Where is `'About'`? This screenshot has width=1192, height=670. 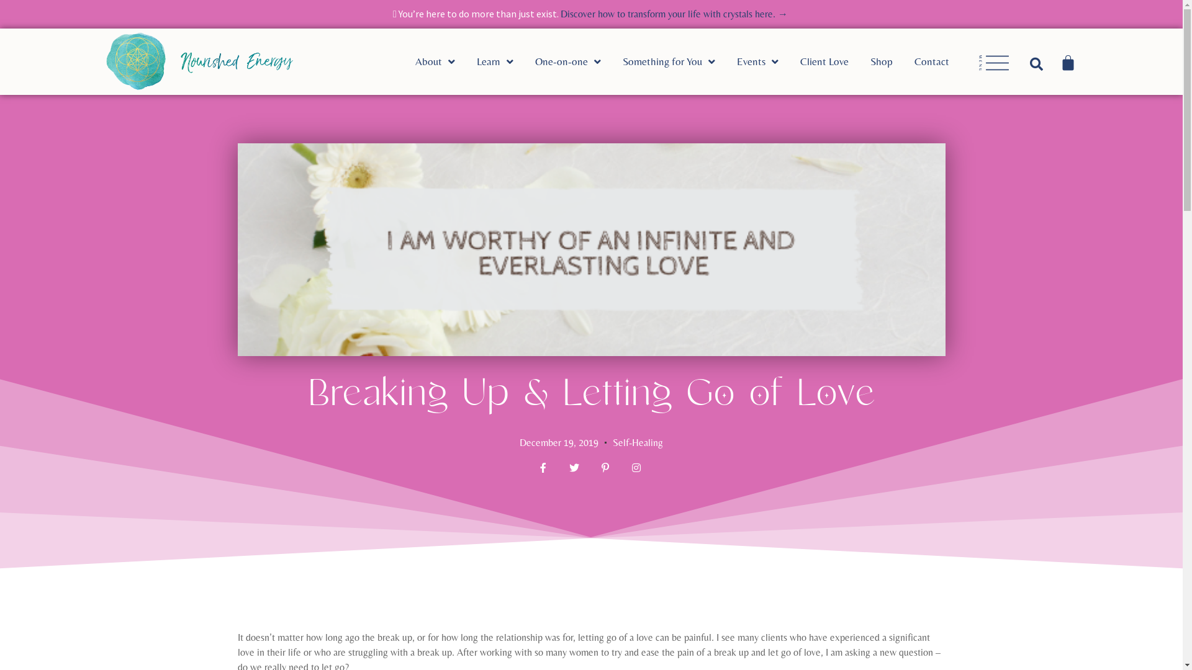
'About' is located at coordinates (446, 62).